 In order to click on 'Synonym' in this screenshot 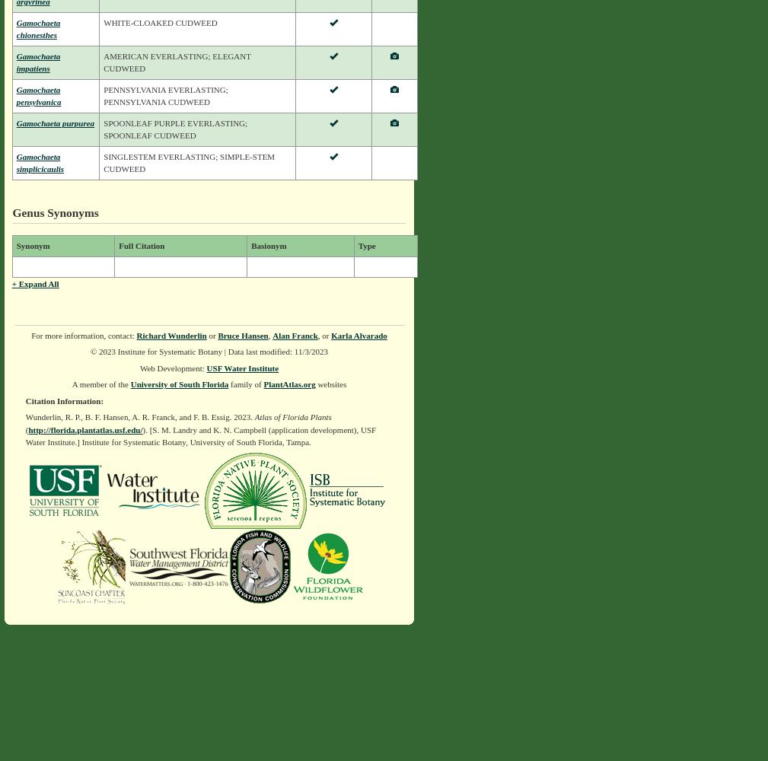, I will do `click(31, 245)`.